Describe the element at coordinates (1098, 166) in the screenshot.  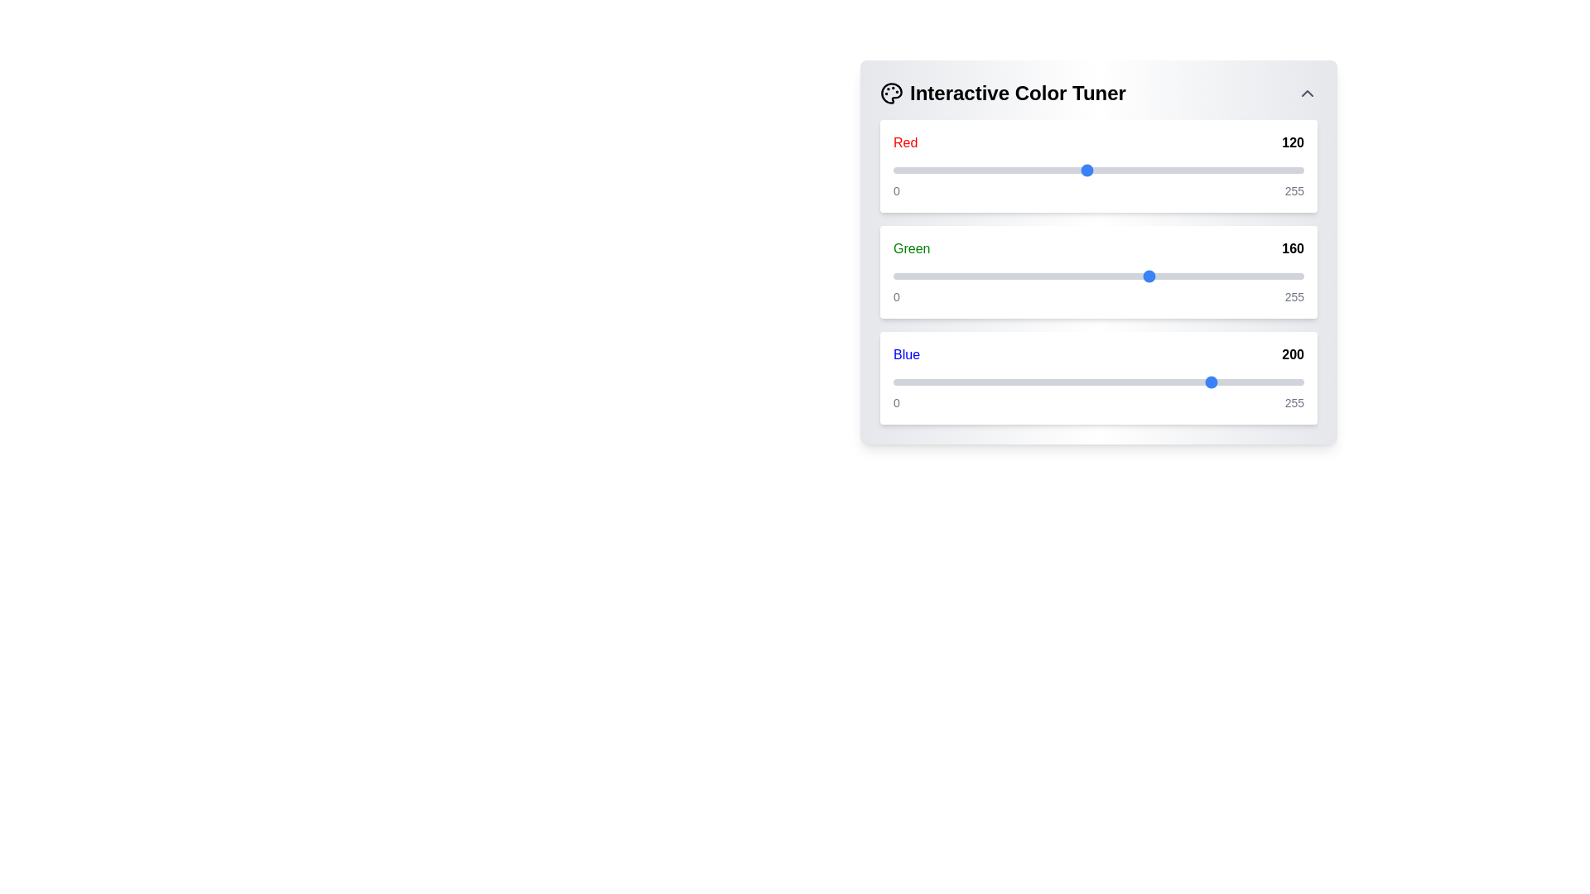
I see `labels and numerical values of the Slider element with a red label and a blue thumb, currently set to 120, to understand the current settings` at that location.